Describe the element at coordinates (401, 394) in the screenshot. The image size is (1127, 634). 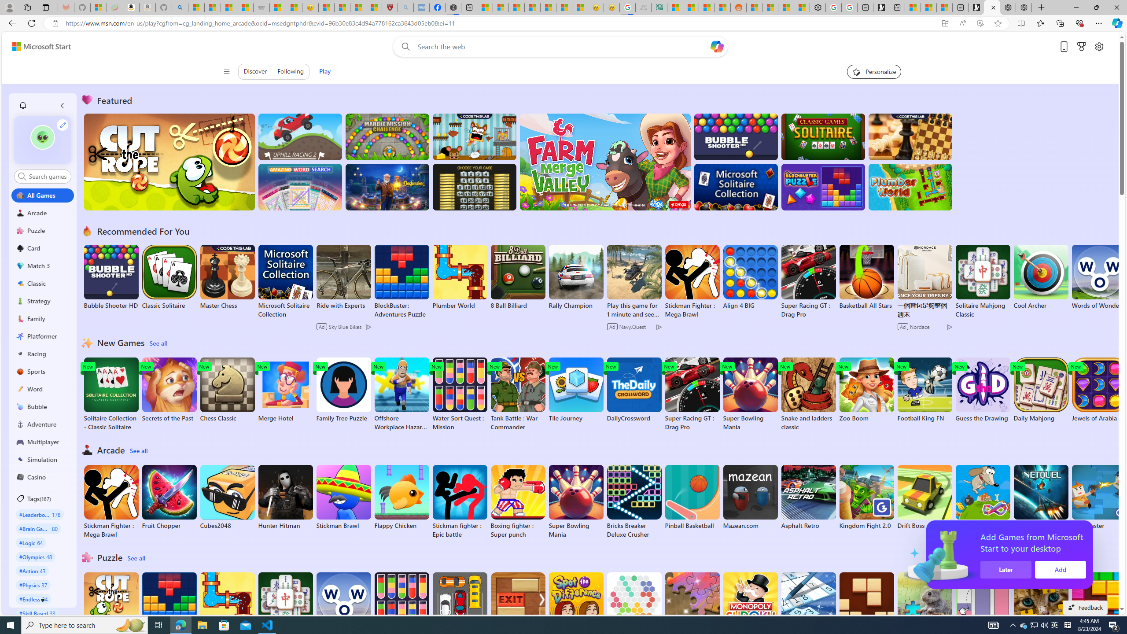
I see `'Offshore Workplace Hazard Game'` at that location.